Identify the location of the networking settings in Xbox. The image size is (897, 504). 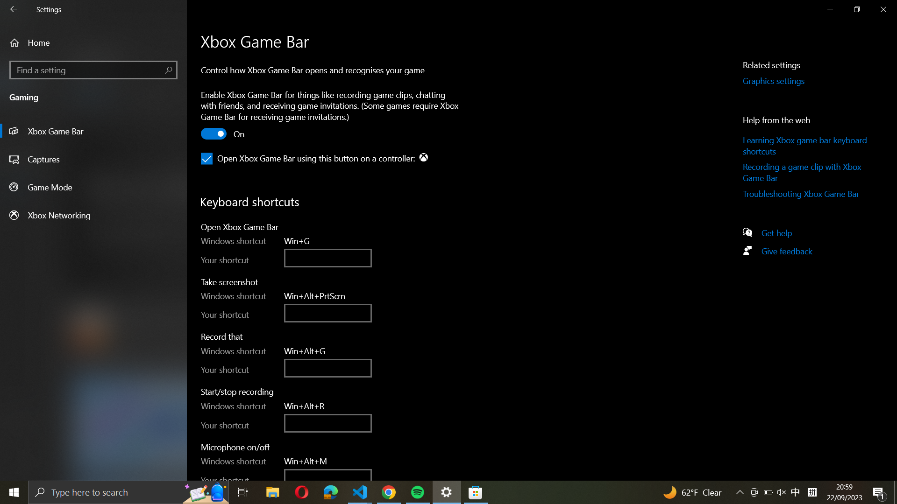
(93, 215).